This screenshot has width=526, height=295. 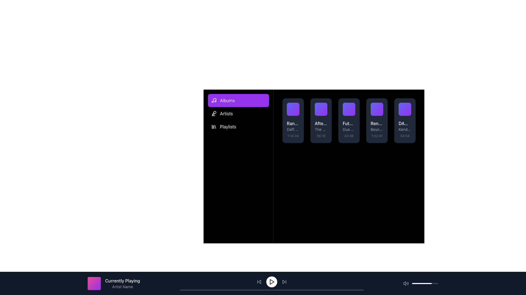 What do you see at coordinates (259, 282) in the screenshot?
I see `the 'previous' button in the media control bar` at bounding box center [259, 282].